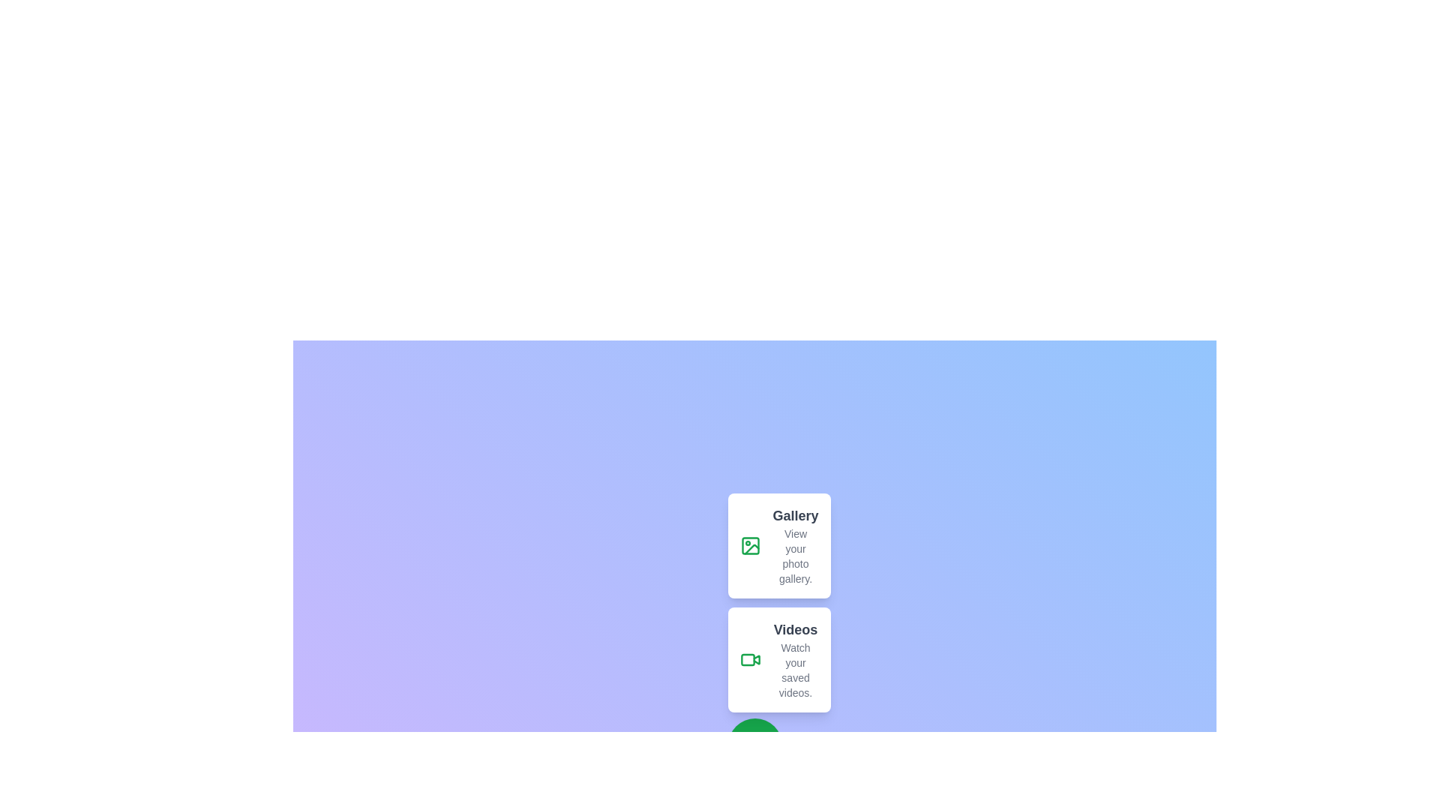 The height and width of the screenshot is (810, 1440). What do you see at coordinates (778, 546) in the screenshot?
I see `the 'Gallery' option to view the photo gallery` at bounding box center [778, 546].